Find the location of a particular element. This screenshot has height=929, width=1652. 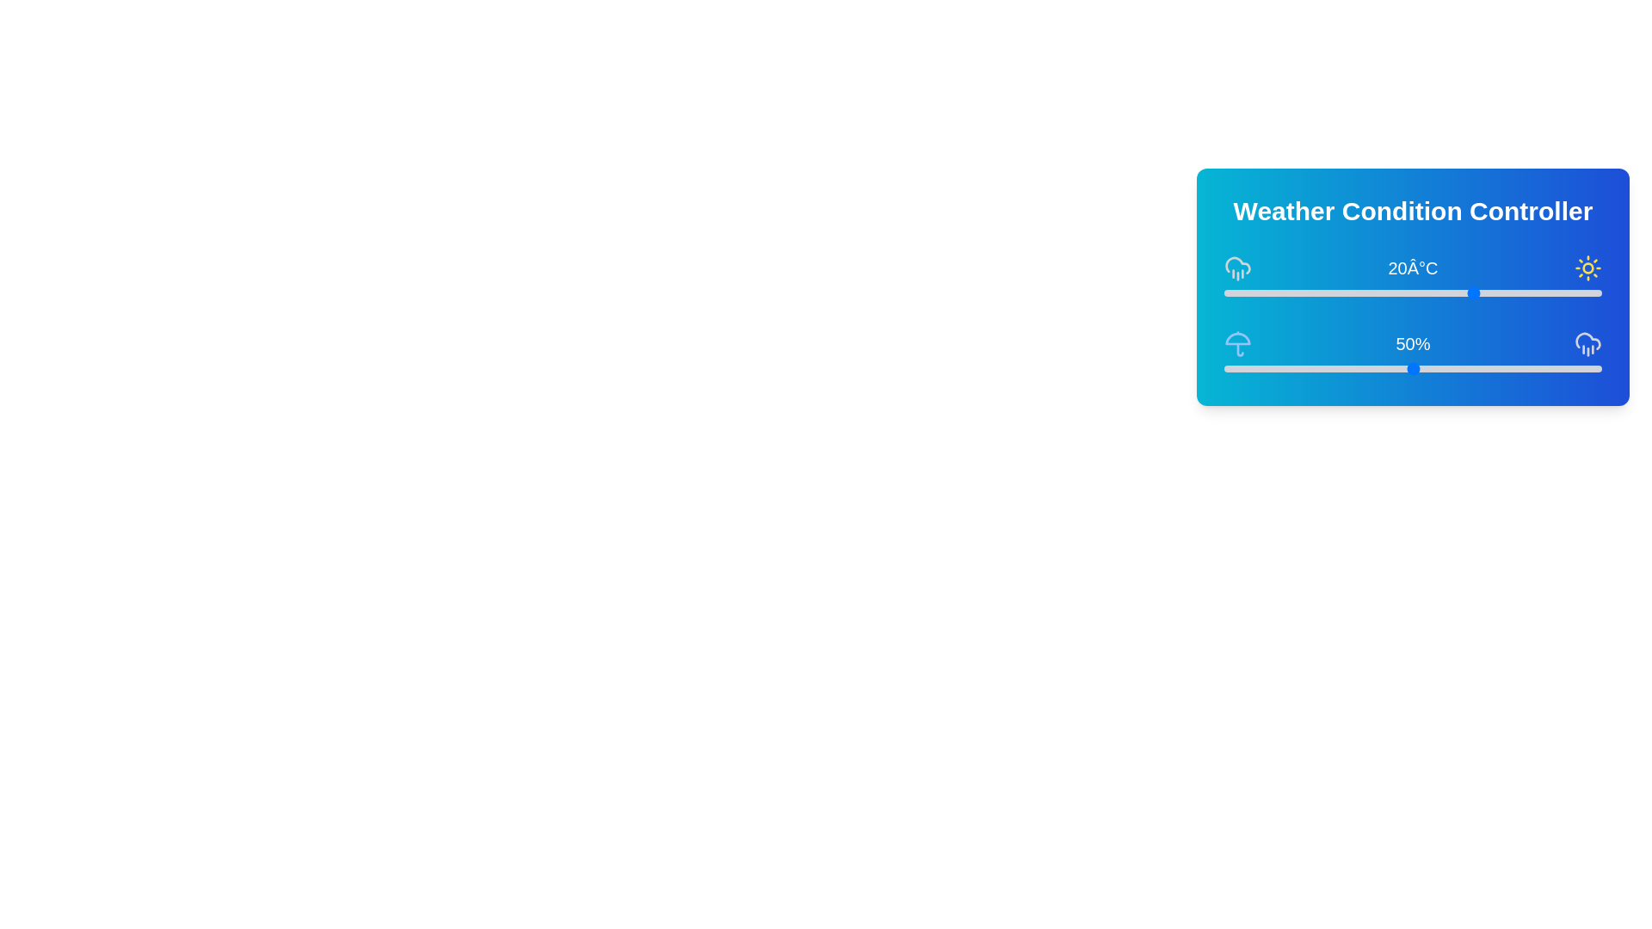

the precipitation slider to 87% is located at coordinates (1552, 367).